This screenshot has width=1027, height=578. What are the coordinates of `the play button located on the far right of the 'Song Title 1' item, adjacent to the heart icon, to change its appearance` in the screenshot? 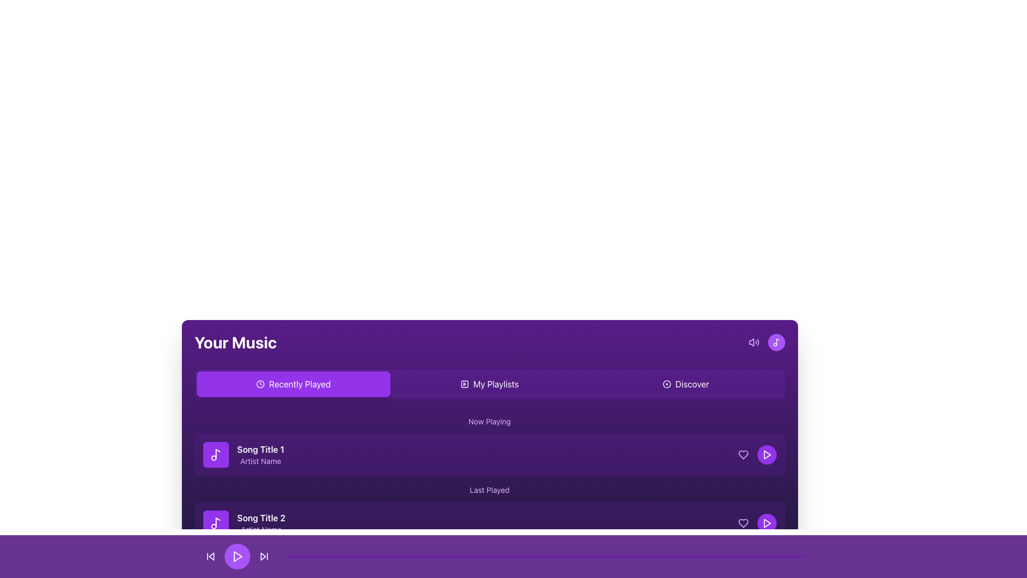 It's located at (756, 454).